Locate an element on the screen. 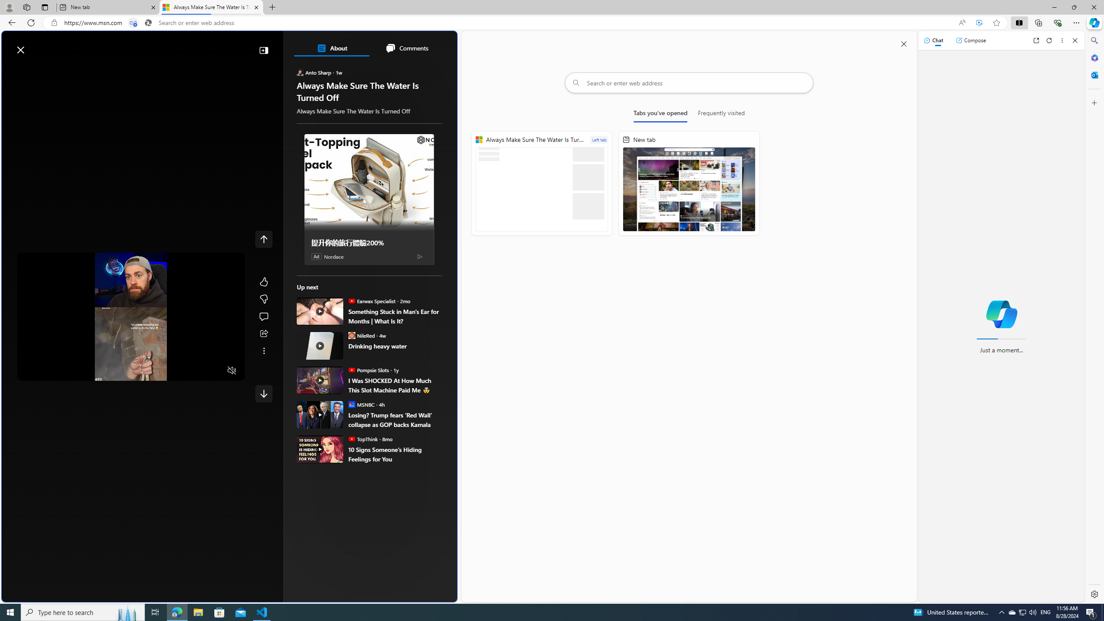 The height and width of the screenshot is (621, 1104). 'Search or enter web address' is located at coordinates (689, 82).